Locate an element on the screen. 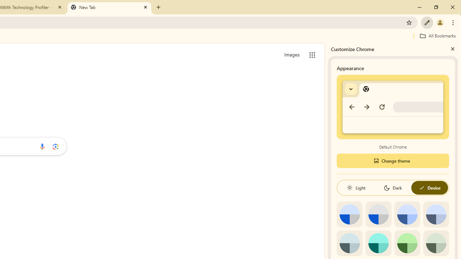  'Grey default color' is located at coordinates (378, 214).